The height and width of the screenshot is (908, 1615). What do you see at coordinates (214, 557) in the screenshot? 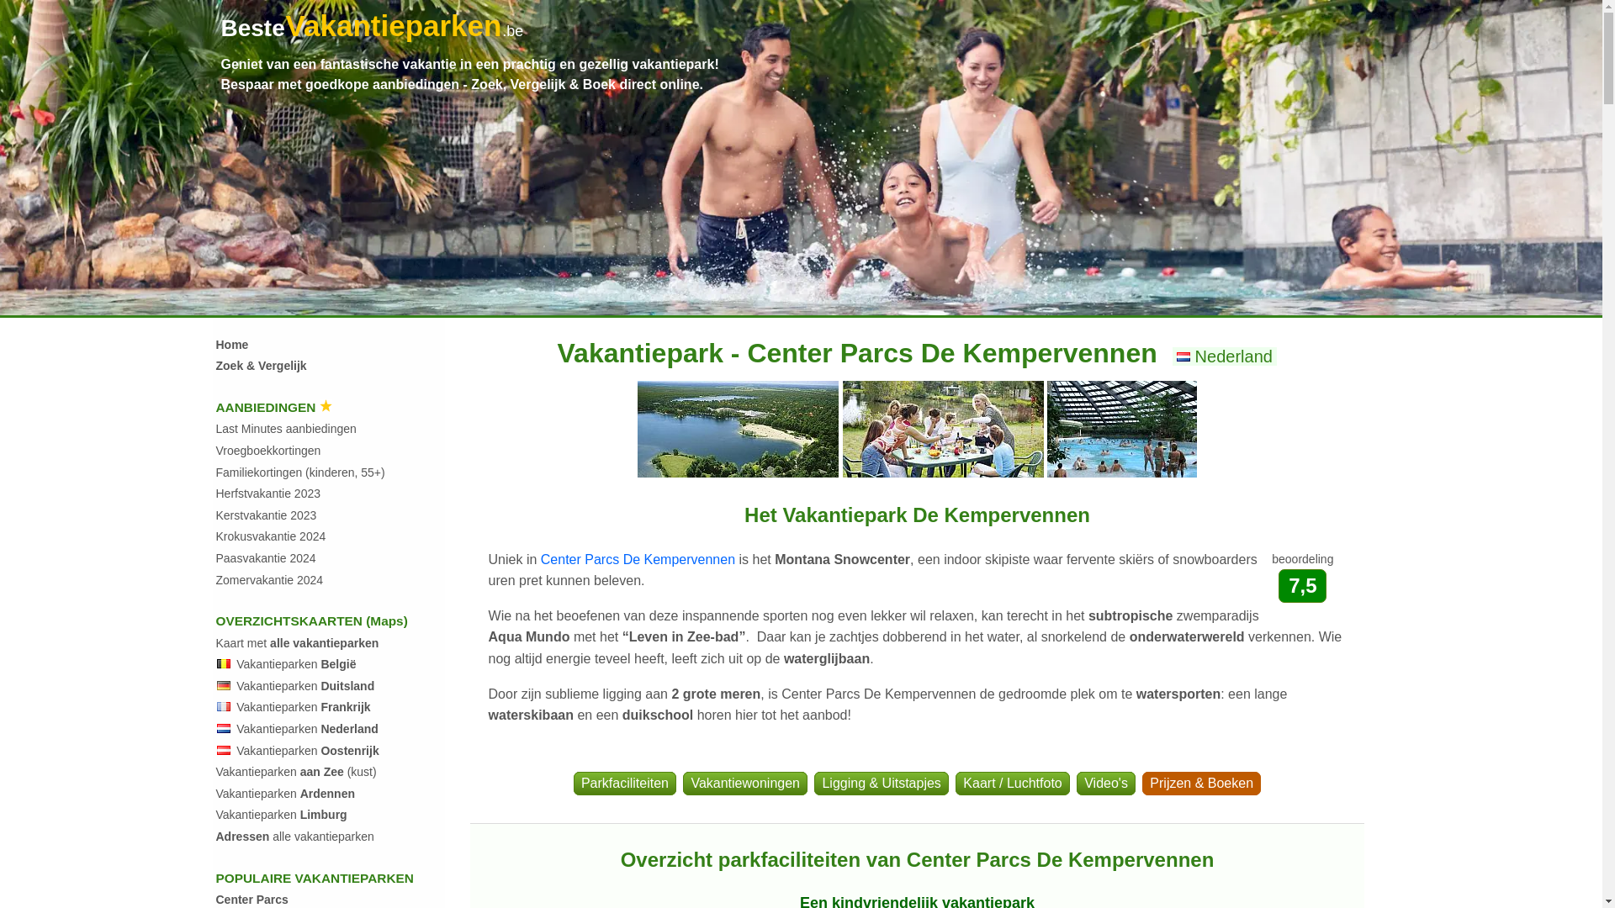
I see `'Paasvakantie 2024'` at bounding box center [214, 557].